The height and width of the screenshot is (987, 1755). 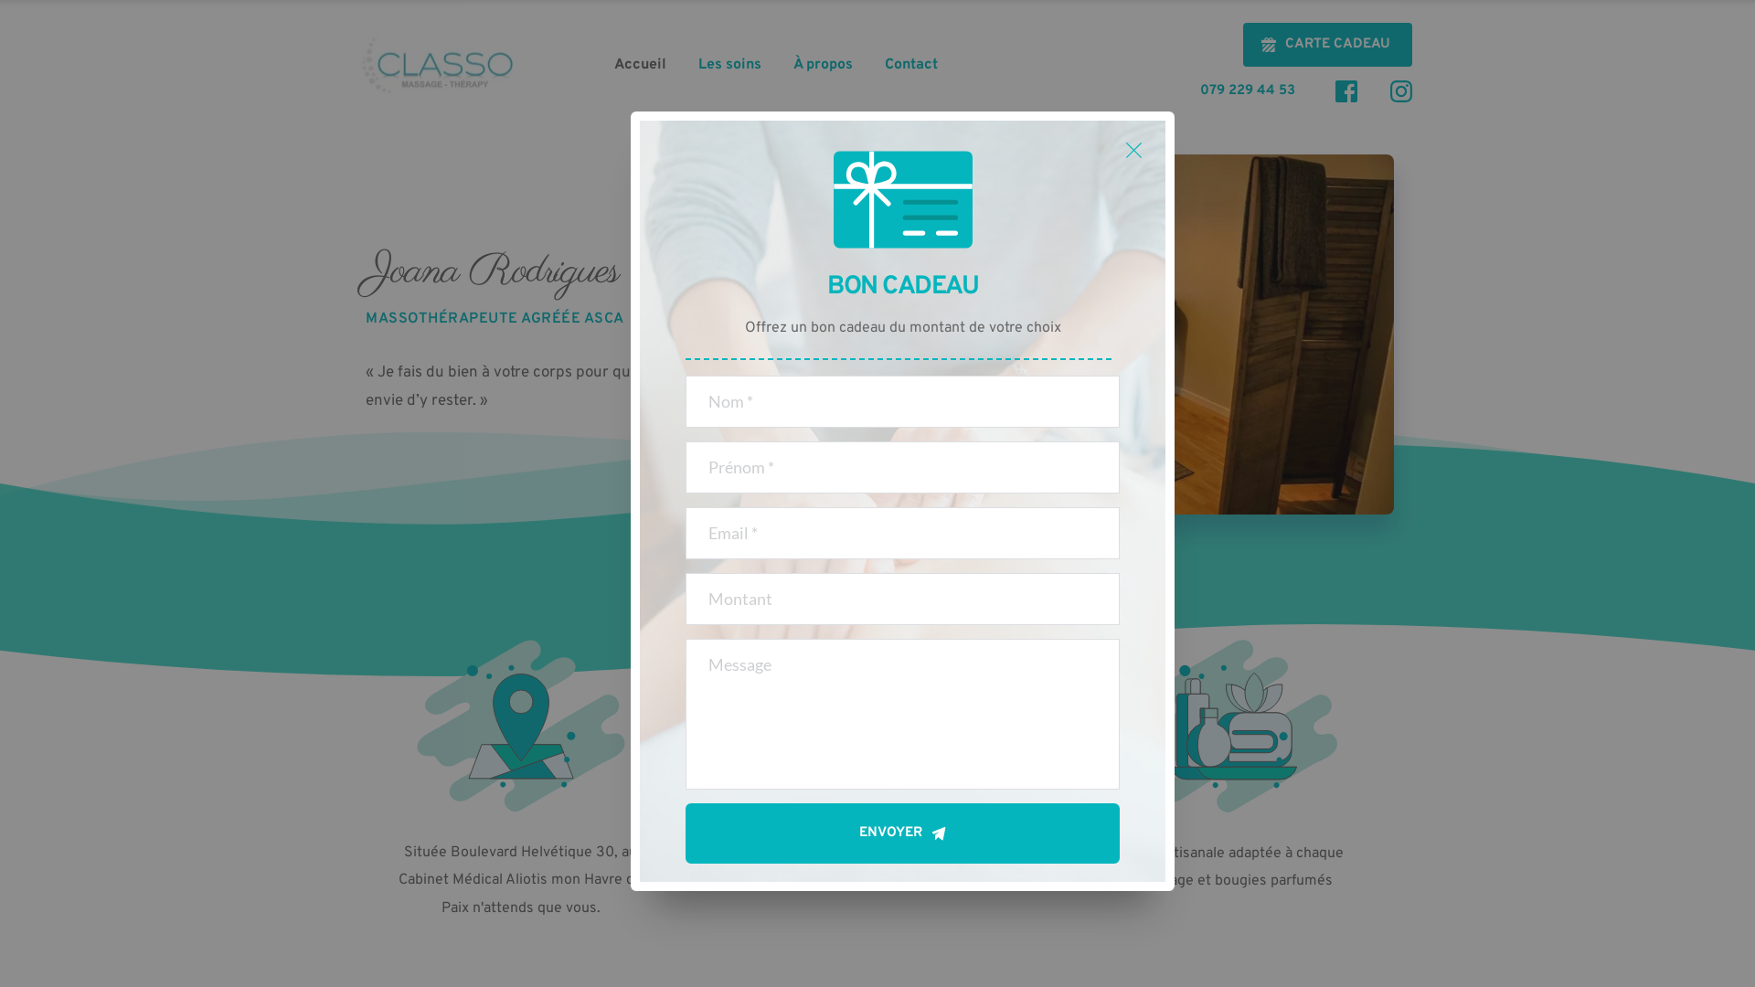 I want to click on '079 229 44 53  ', so click(x=1250, y=90).